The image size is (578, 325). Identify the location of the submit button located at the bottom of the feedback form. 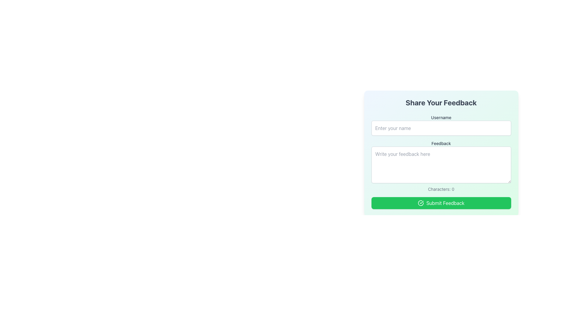
(441, 203).